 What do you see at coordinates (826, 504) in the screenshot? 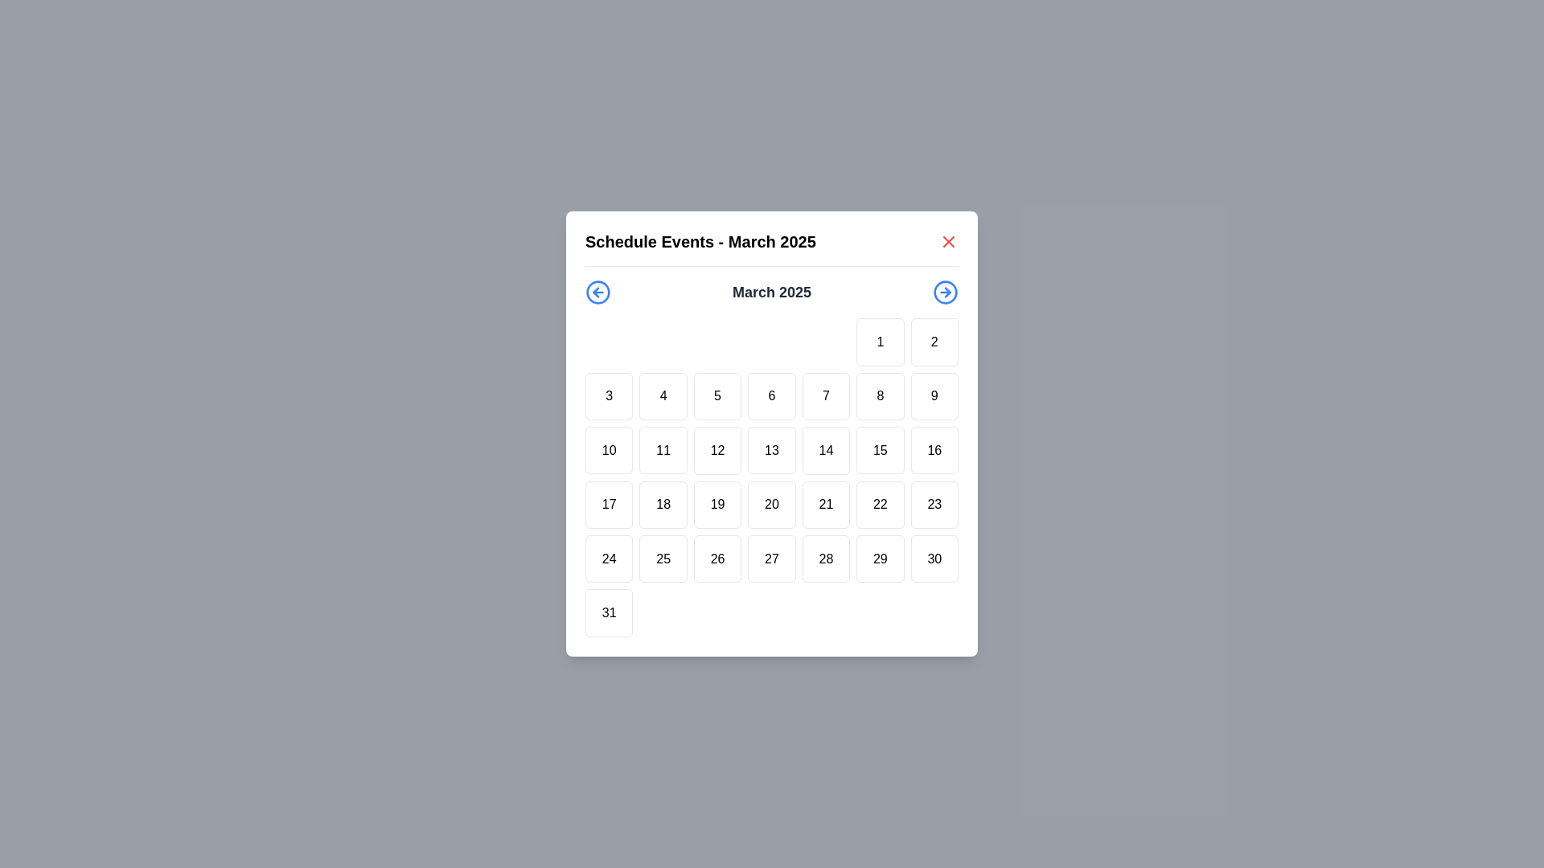
I see `the square-shaped button with a white background and the text '21' in the center` at bounding box center [826, 504].